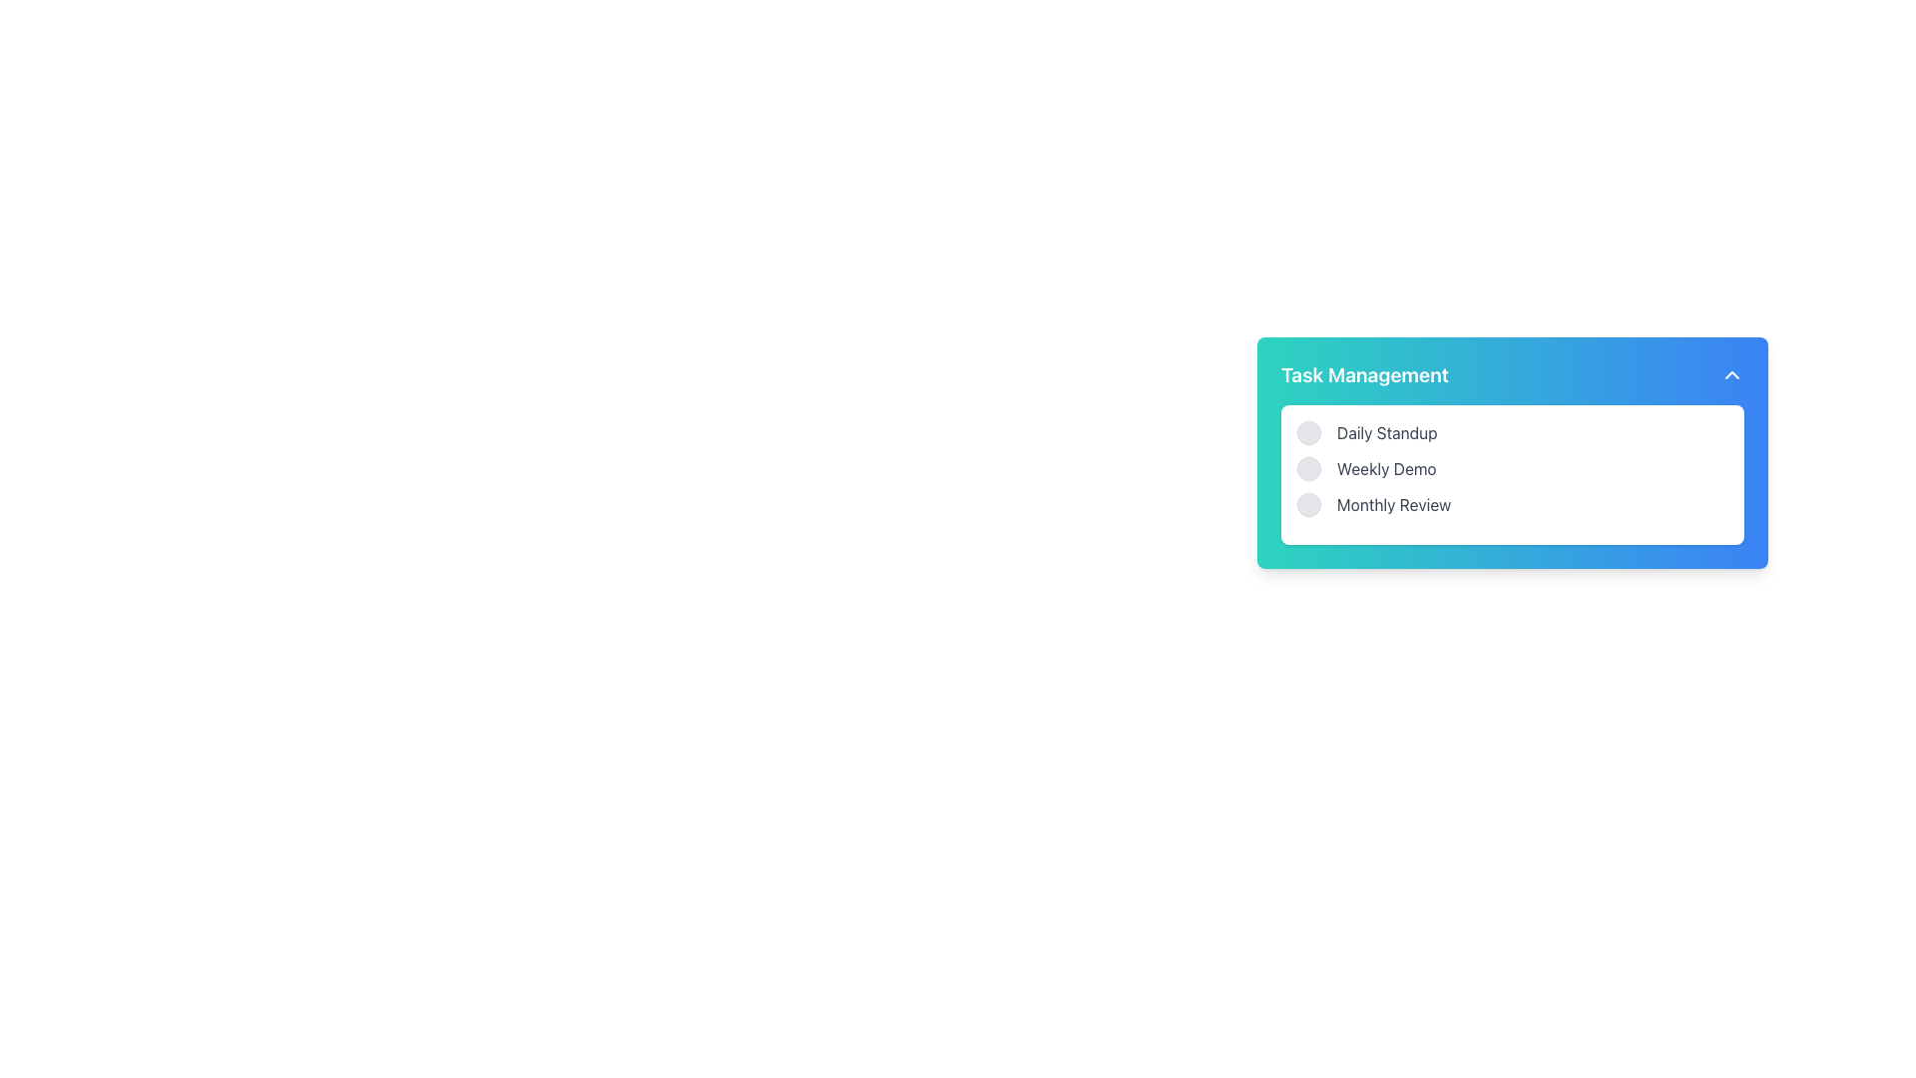 This screenshot has height=1078, width=1916. What do you see at coordinates (1385, 469) in the screenshot?
I see `the 'Weekly Demo' text label, which is styled in a gray font and is the second item in the 'Task Management' list` at bounding box center [1385, 469].